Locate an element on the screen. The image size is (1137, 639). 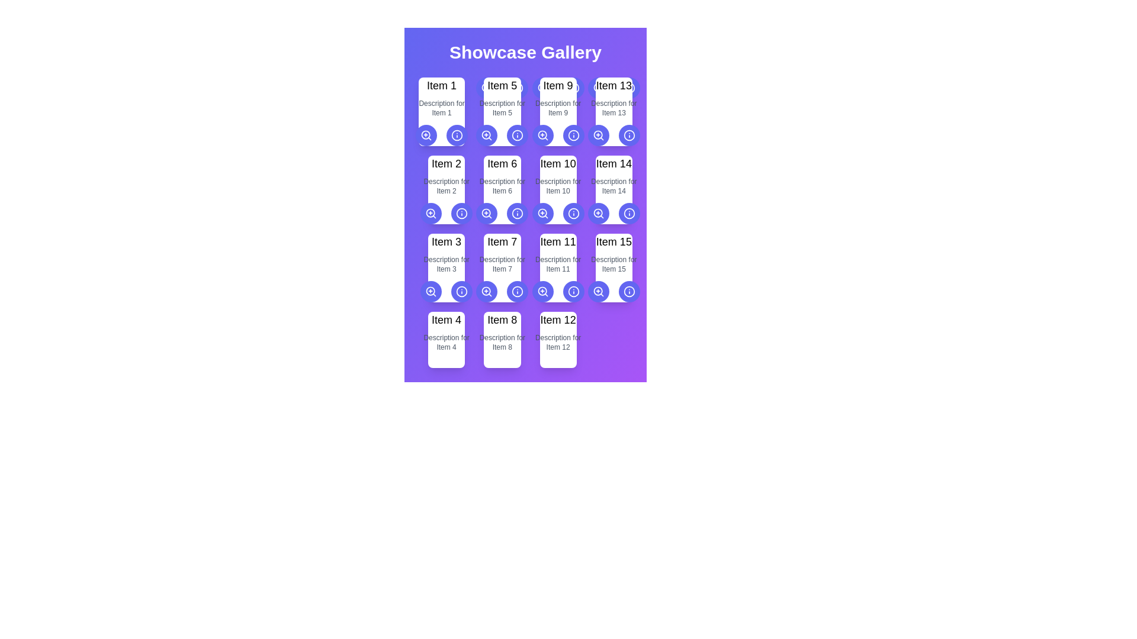
the decorative Circle element within the SVG graphic, which represents the lens of the magnifying glass in the zoom-in icon located below the 'Item 3' card is located at coordinates (430, 291).